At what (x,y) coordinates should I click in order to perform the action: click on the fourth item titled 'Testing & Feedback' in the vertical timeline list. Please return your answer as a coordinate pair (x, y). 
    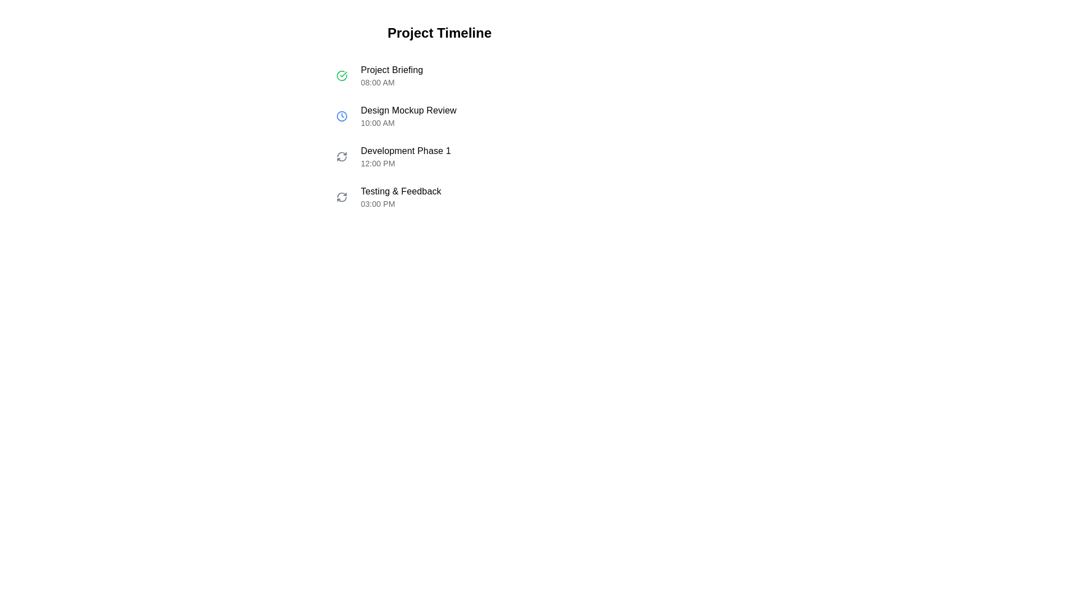
    Looking at the image, I should click on (454, 197).